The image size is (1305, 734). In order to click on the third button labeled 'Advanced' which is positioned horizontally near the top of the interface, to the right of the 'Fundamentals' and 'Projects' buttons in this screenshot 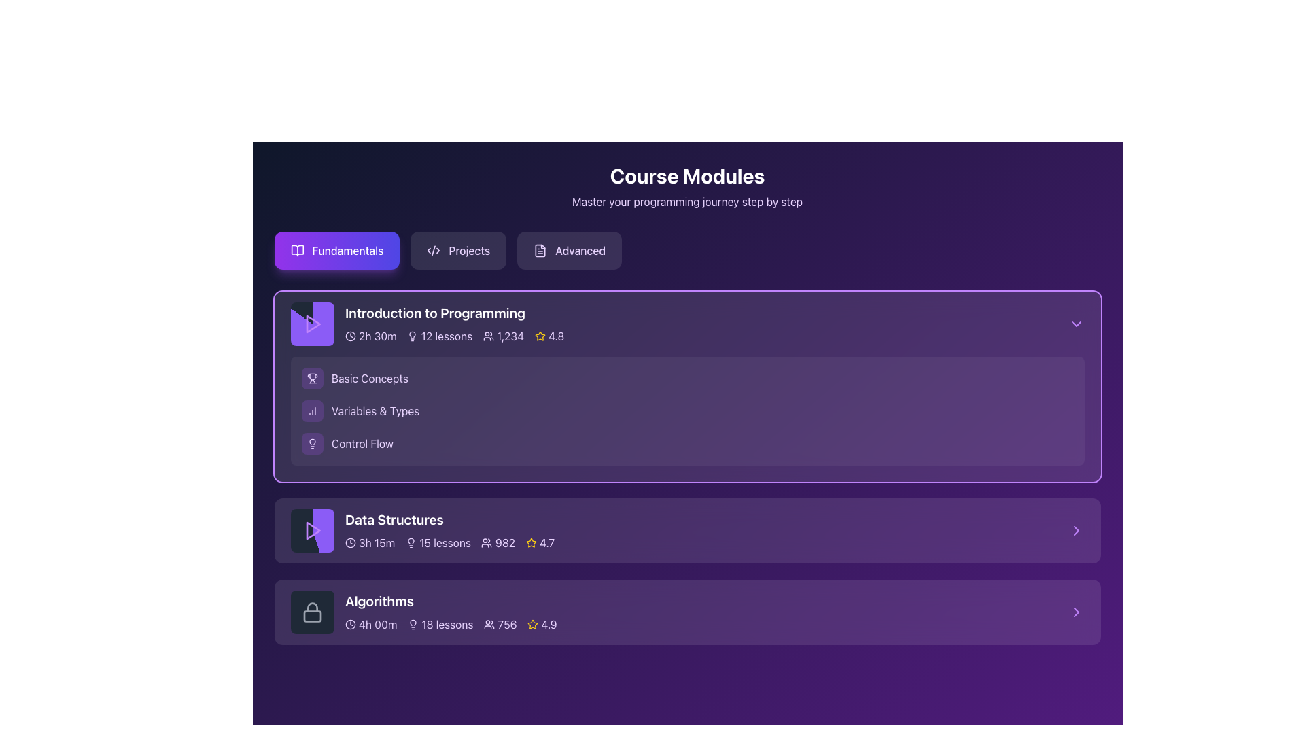, I will do `click(570, 251)`.